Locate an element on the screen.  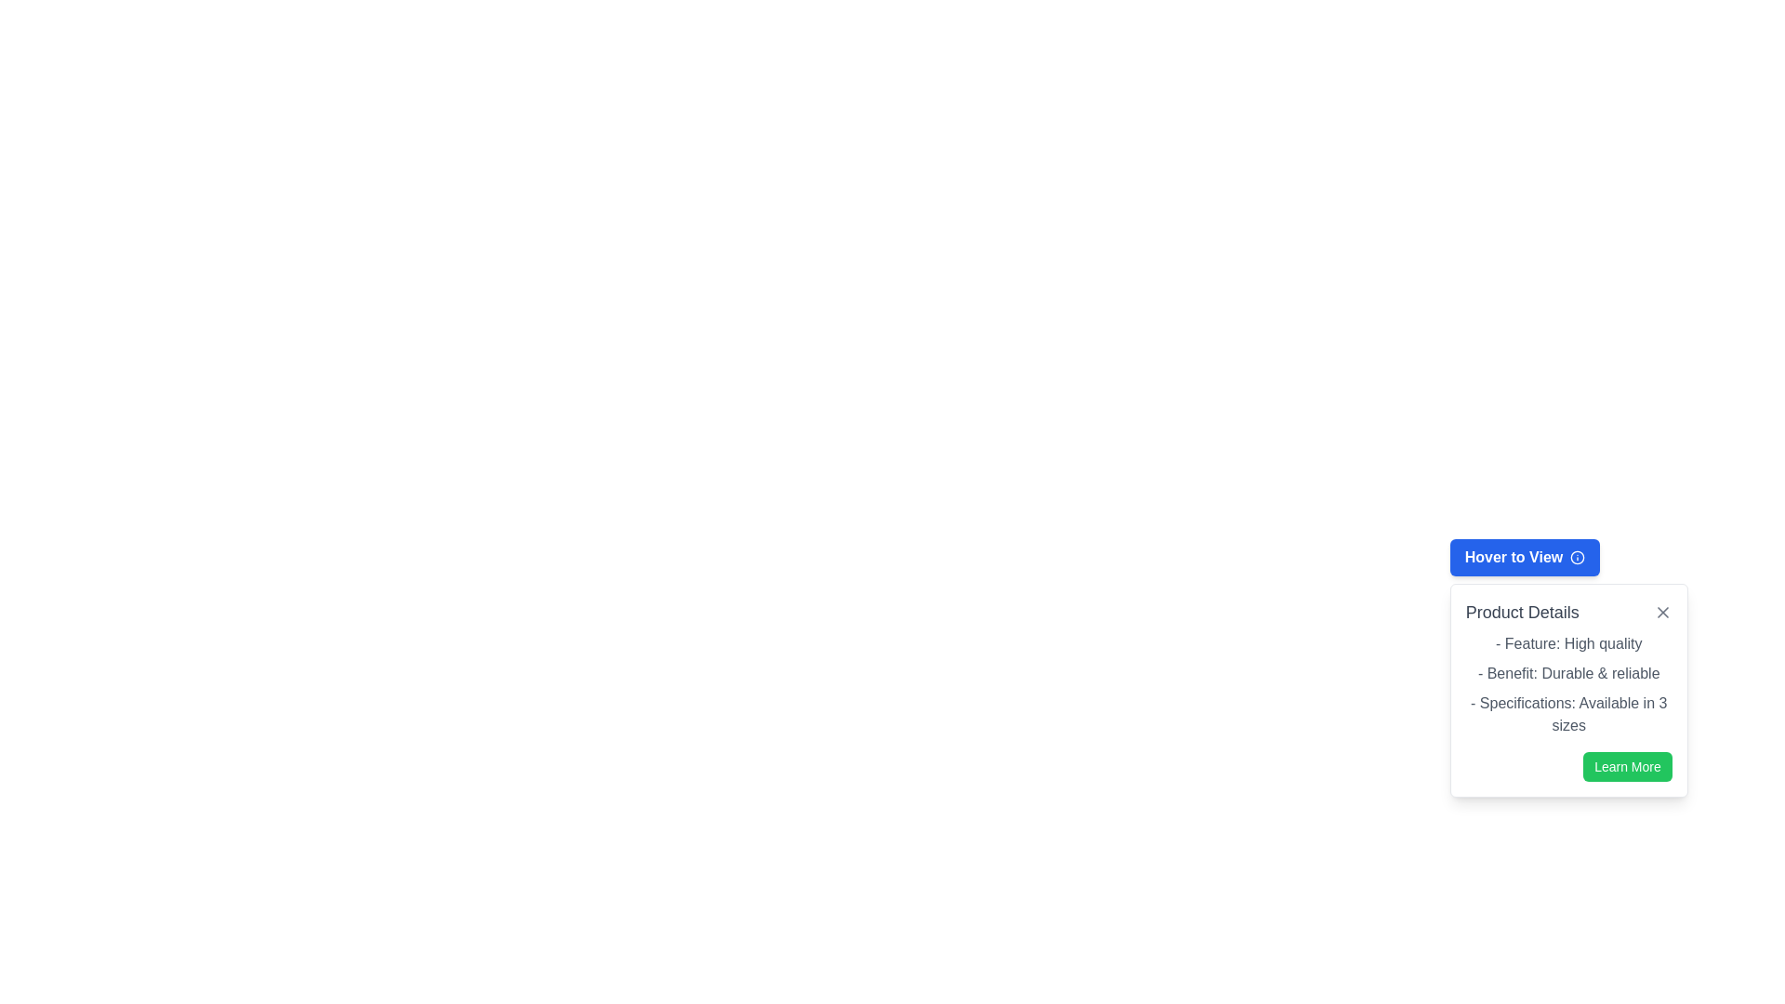
information from the Text Display element that contains the line '- Specifications: Available in 3 sizes', located in the 'Product Details' dialog box, positioned below the second list item and above the 'Learn More' button is located at coordinates (1567, 713).